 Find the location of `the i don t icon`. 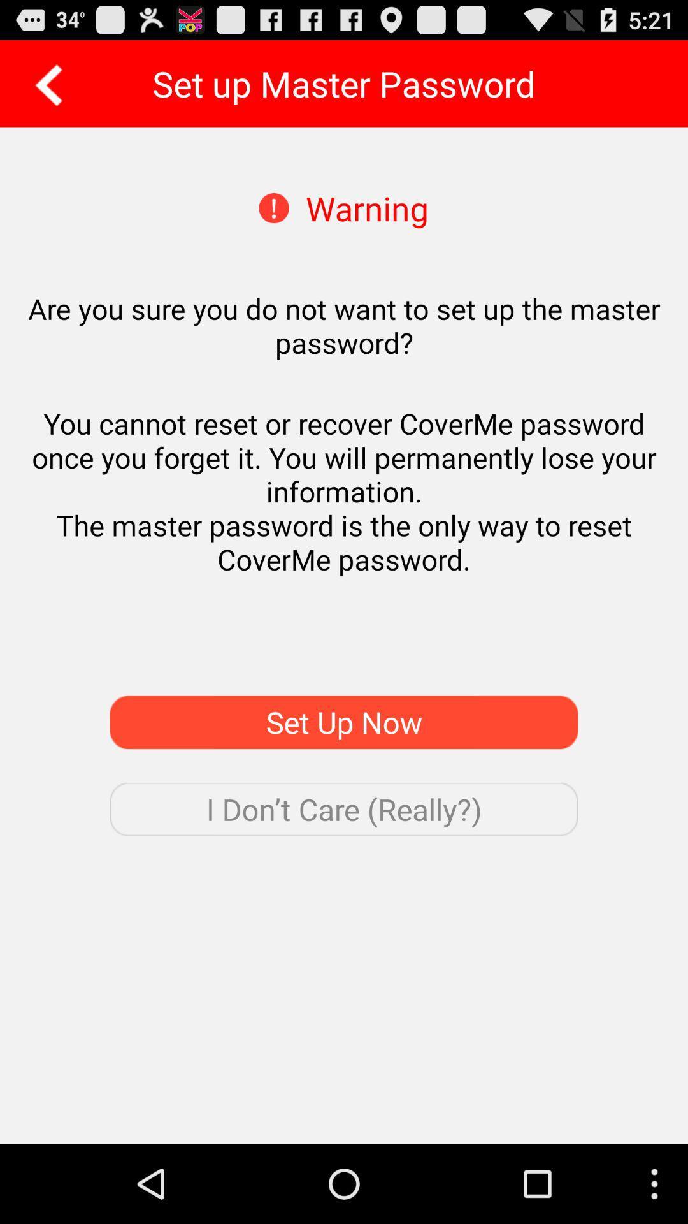

the i don t icon is located at coordinates (344, 808).